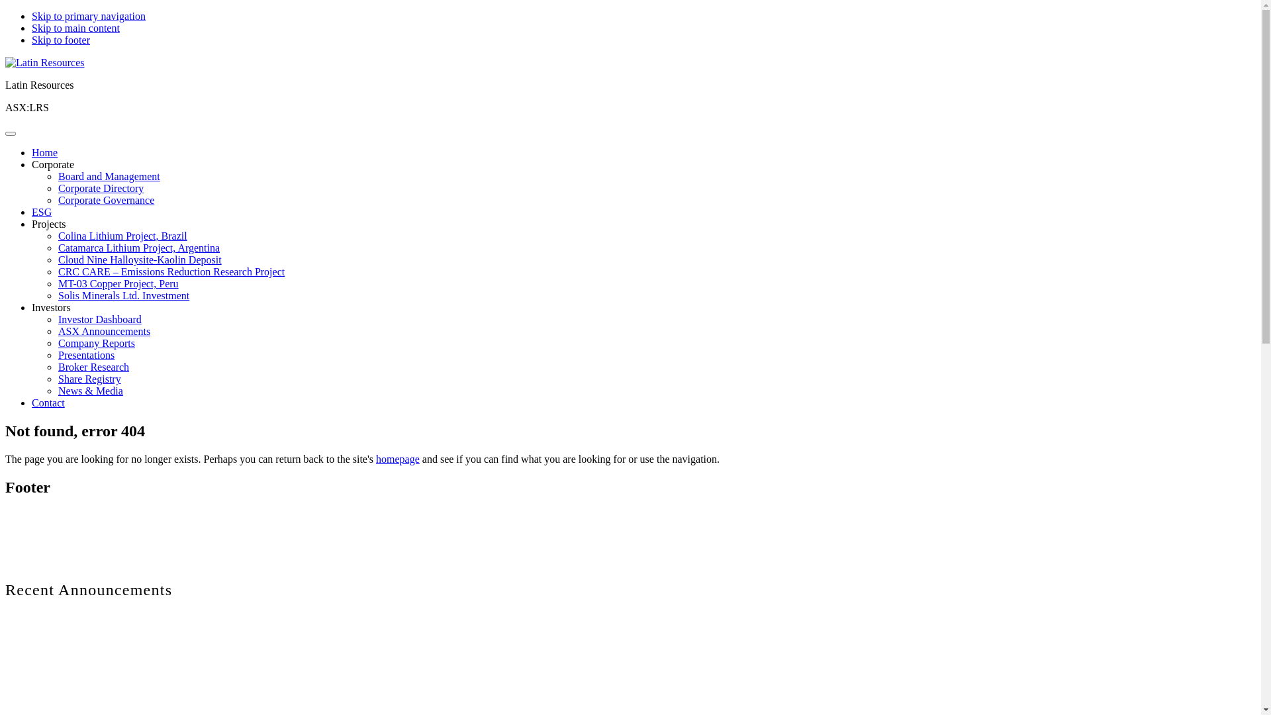 Image resolution: width=1271 pixels, height=715 pixels. What do you see at coordinates (99, 319) in the screenshot?
I see `'Investor Dashboard'` at bounding box center [99, 319].